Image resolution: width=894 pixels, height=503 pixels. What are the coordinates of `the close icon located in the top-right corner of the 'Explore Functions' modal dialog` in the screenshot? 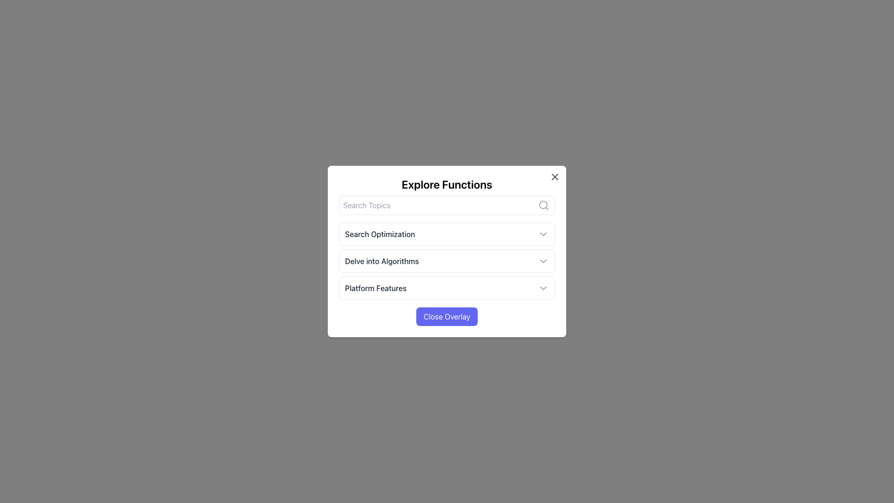 It's located at (555, 177).